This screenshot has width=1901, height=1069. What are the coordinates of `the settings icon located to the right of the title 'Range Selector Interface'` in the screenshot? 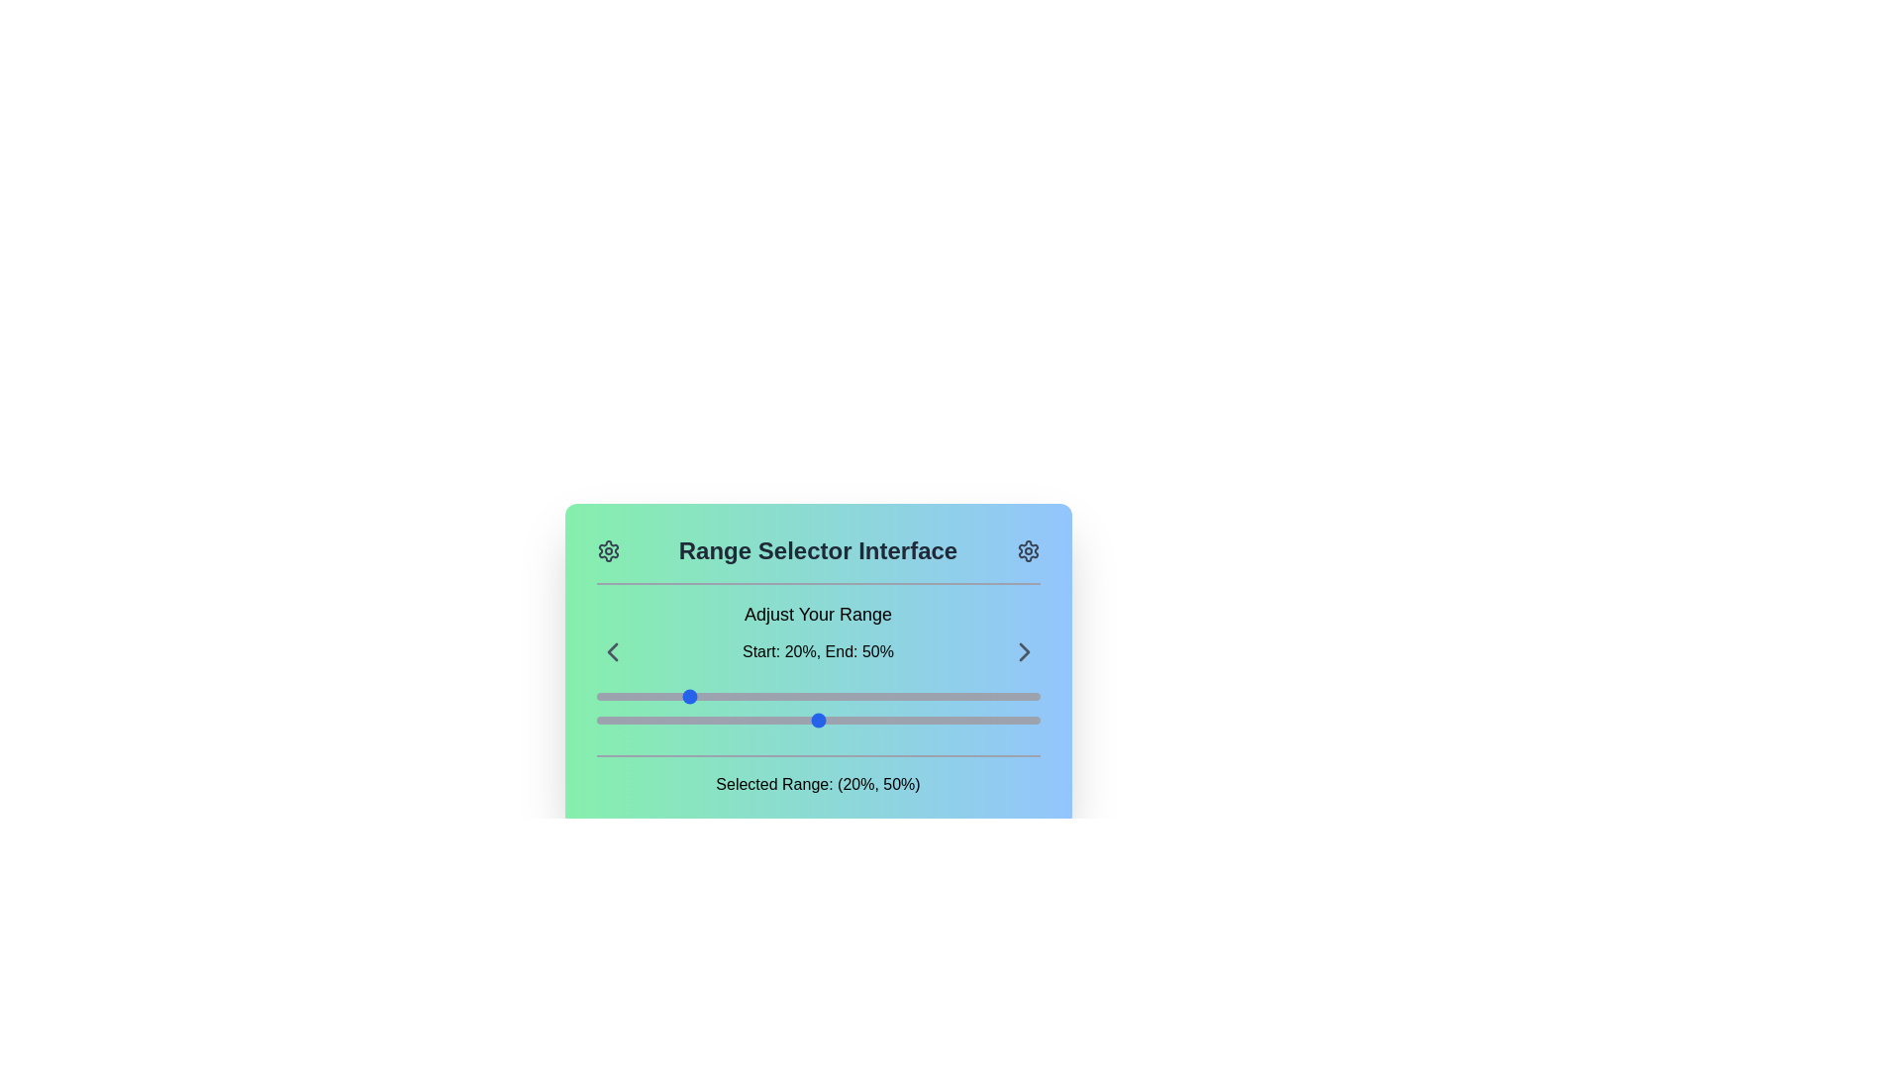 It's located at (607, 550).